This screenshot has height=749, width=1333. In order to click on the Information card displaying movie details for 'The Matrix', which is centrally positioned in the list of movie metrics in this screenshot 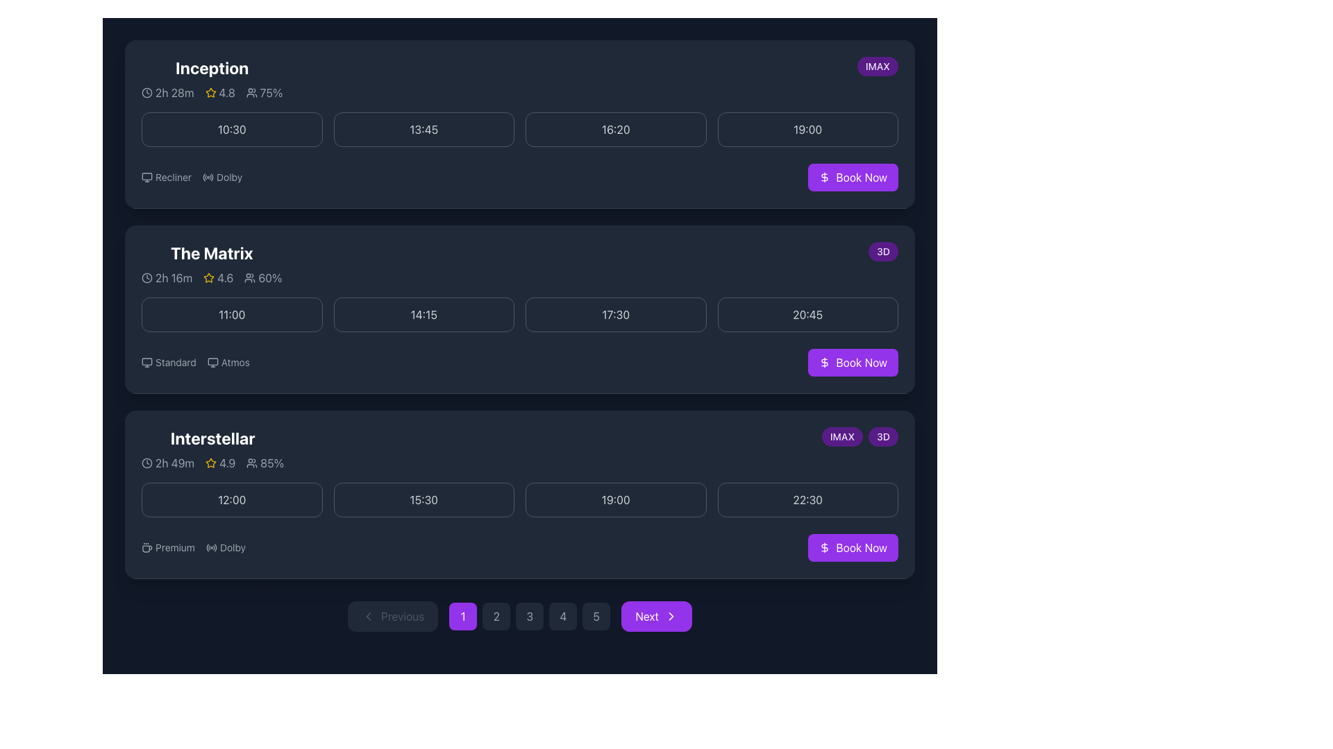, I will do `click(211, 264)`.